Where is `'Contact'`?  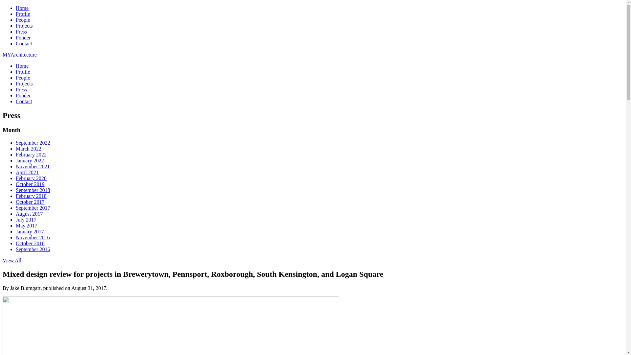 'Contact' is located at coordinates (24, 101).